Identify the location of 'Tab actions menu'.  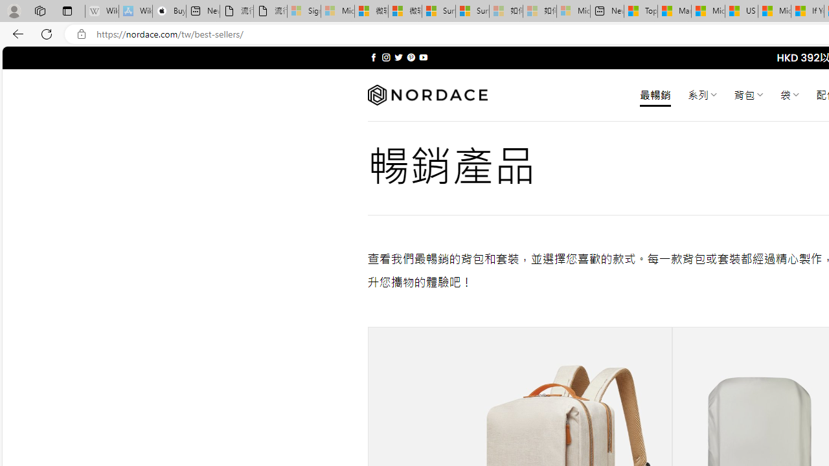
(67, 10).